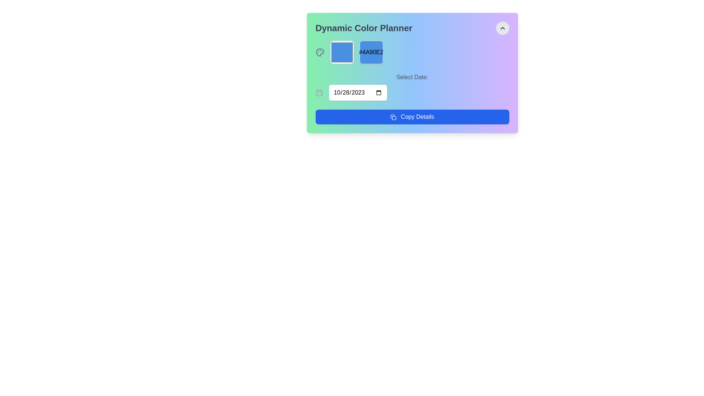  I want to click on the graphical decorative element (SVG) which is at the center of the calendar icon, located to the right of the date input field and above the 'Copy Details' button within the card, so click(319, 92).